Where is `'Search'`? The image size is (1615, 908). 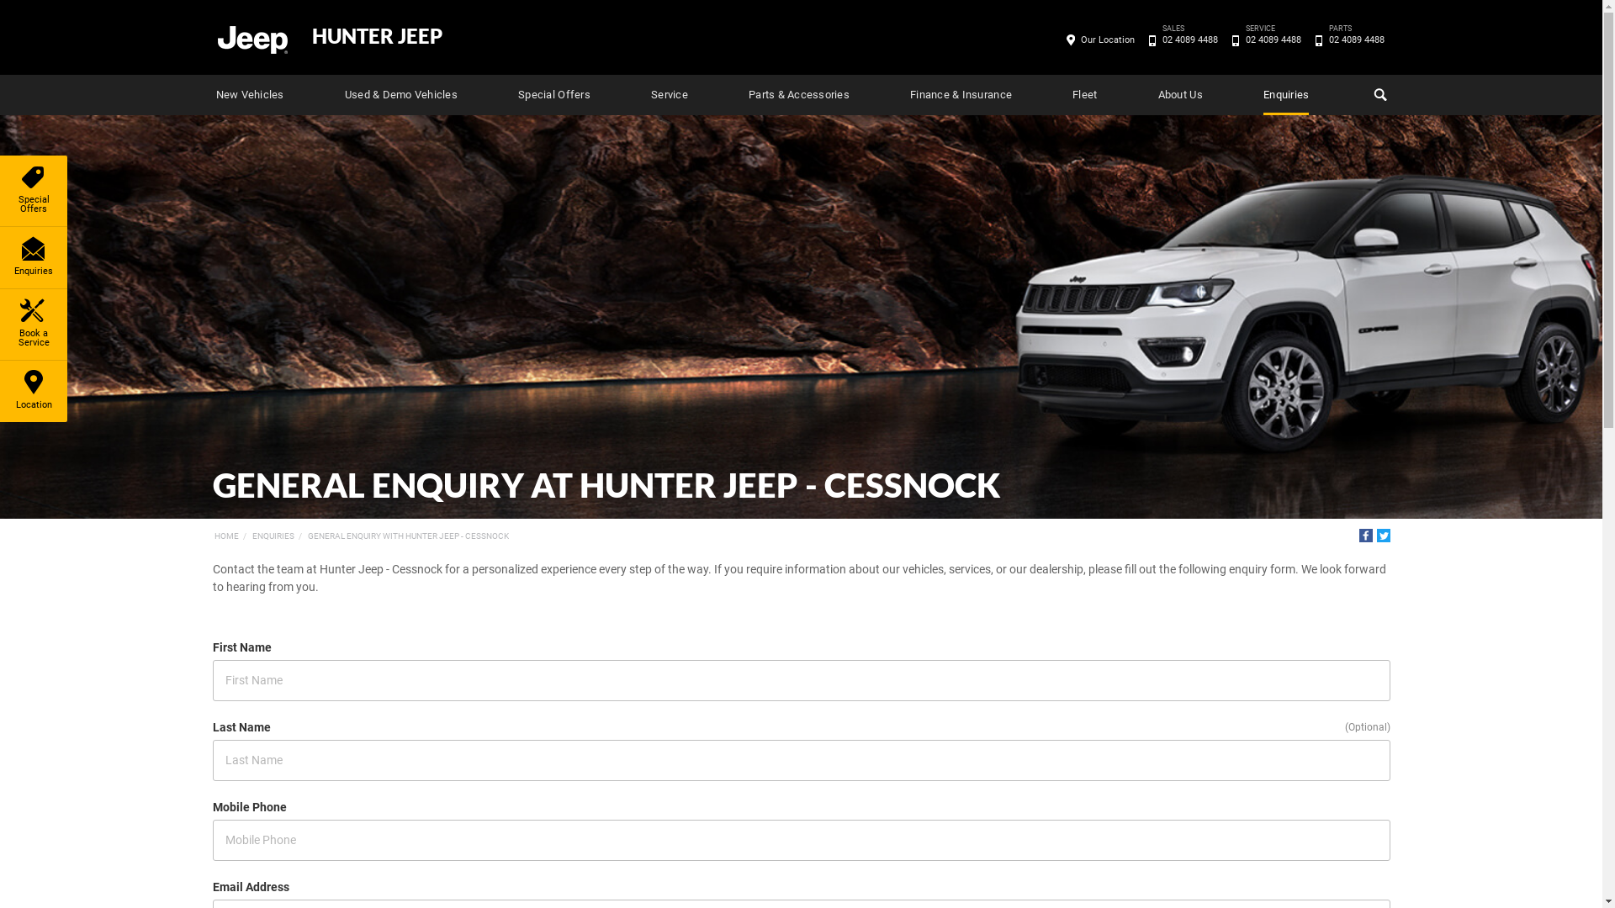 'Search' is located at coordinates (1377, 94).